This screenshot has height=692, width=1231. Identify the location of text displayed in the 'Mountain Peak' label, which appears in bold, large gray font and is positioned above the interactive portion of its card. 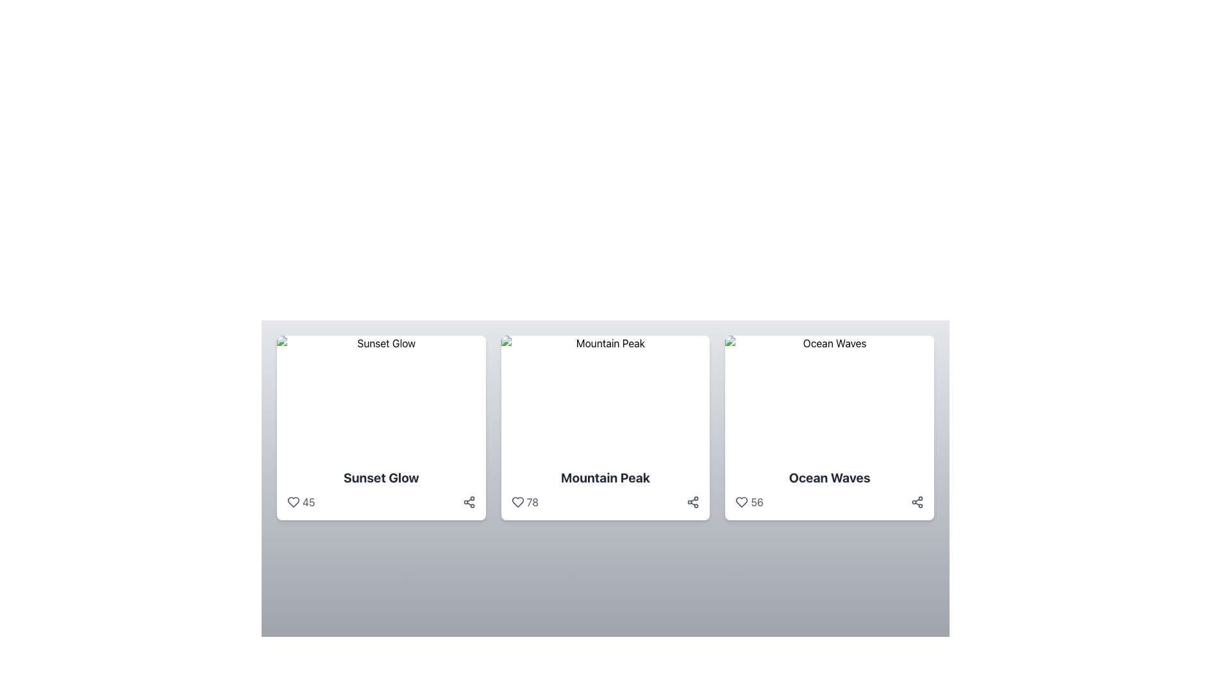
(605, 477).